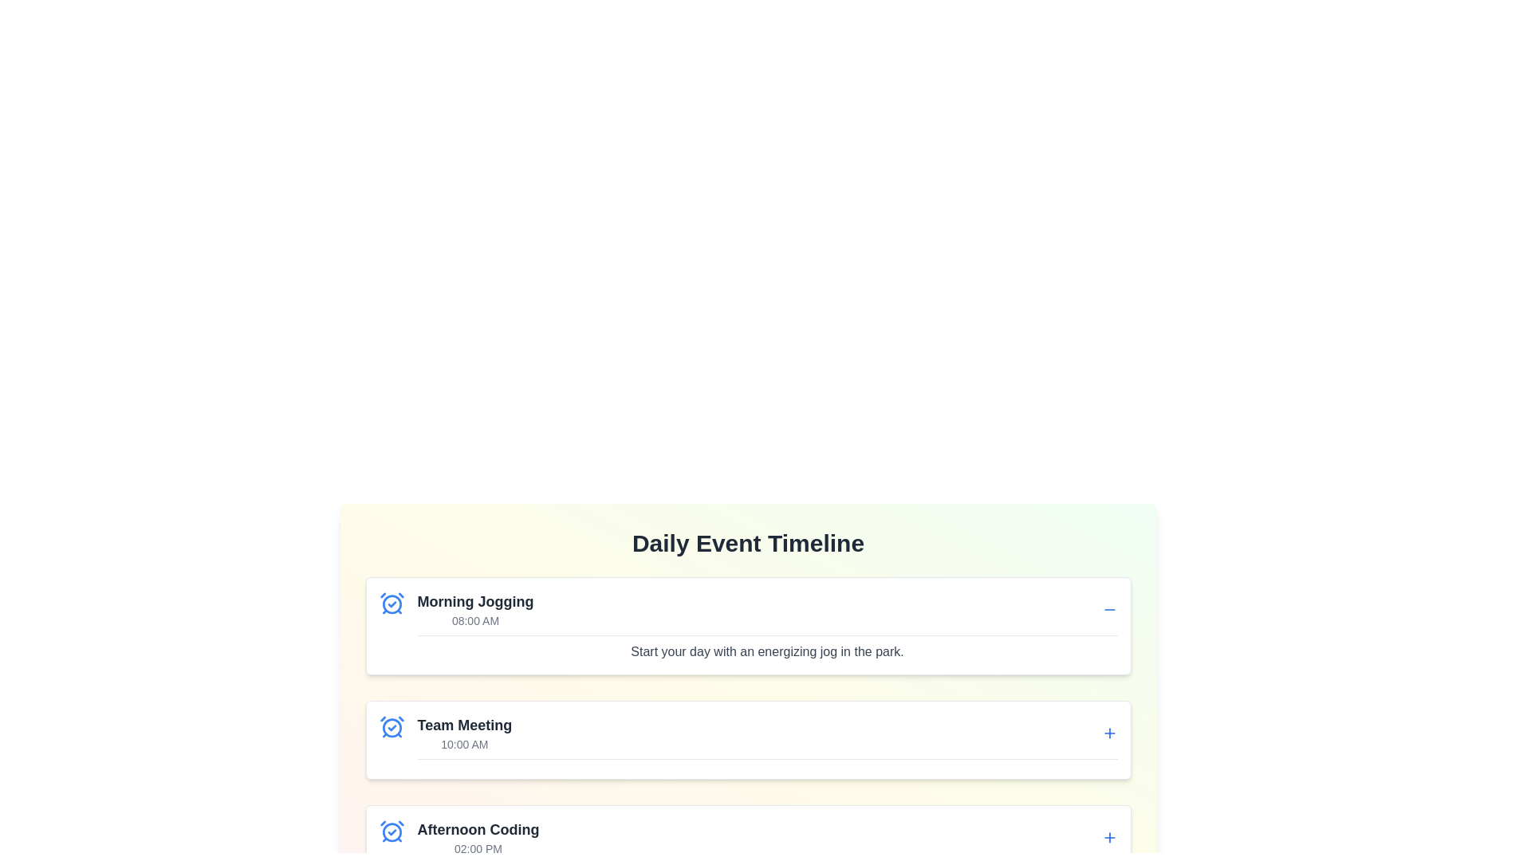 The image size is (1531, 861). What do you see at coordinates (1108, 733) in the screenshot?
I see `the add button located in the top-right corner of the 'Team Meeting' event card, next to the '10:00 AM' text` at bounding box center [1108, 733].